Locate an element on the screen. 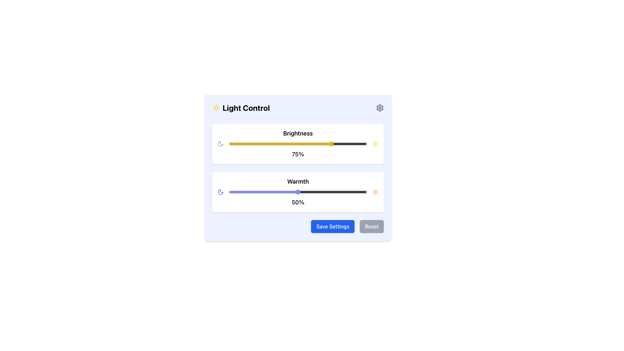 The width and height of the screenshot is (624, 351). the static display text showing '50%' located below the slider control in the Warmth adjustment section is located at coordinates (297, 202).